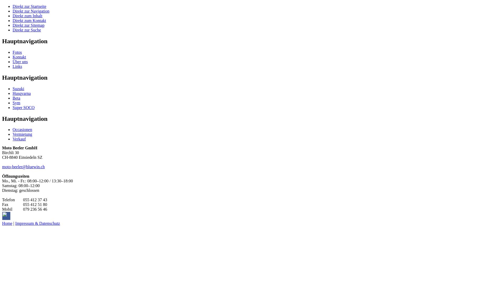 Image resolution: width=503 pixels, height=283 pixels. I want to click on 'Super SOCO', so click(23, 107).